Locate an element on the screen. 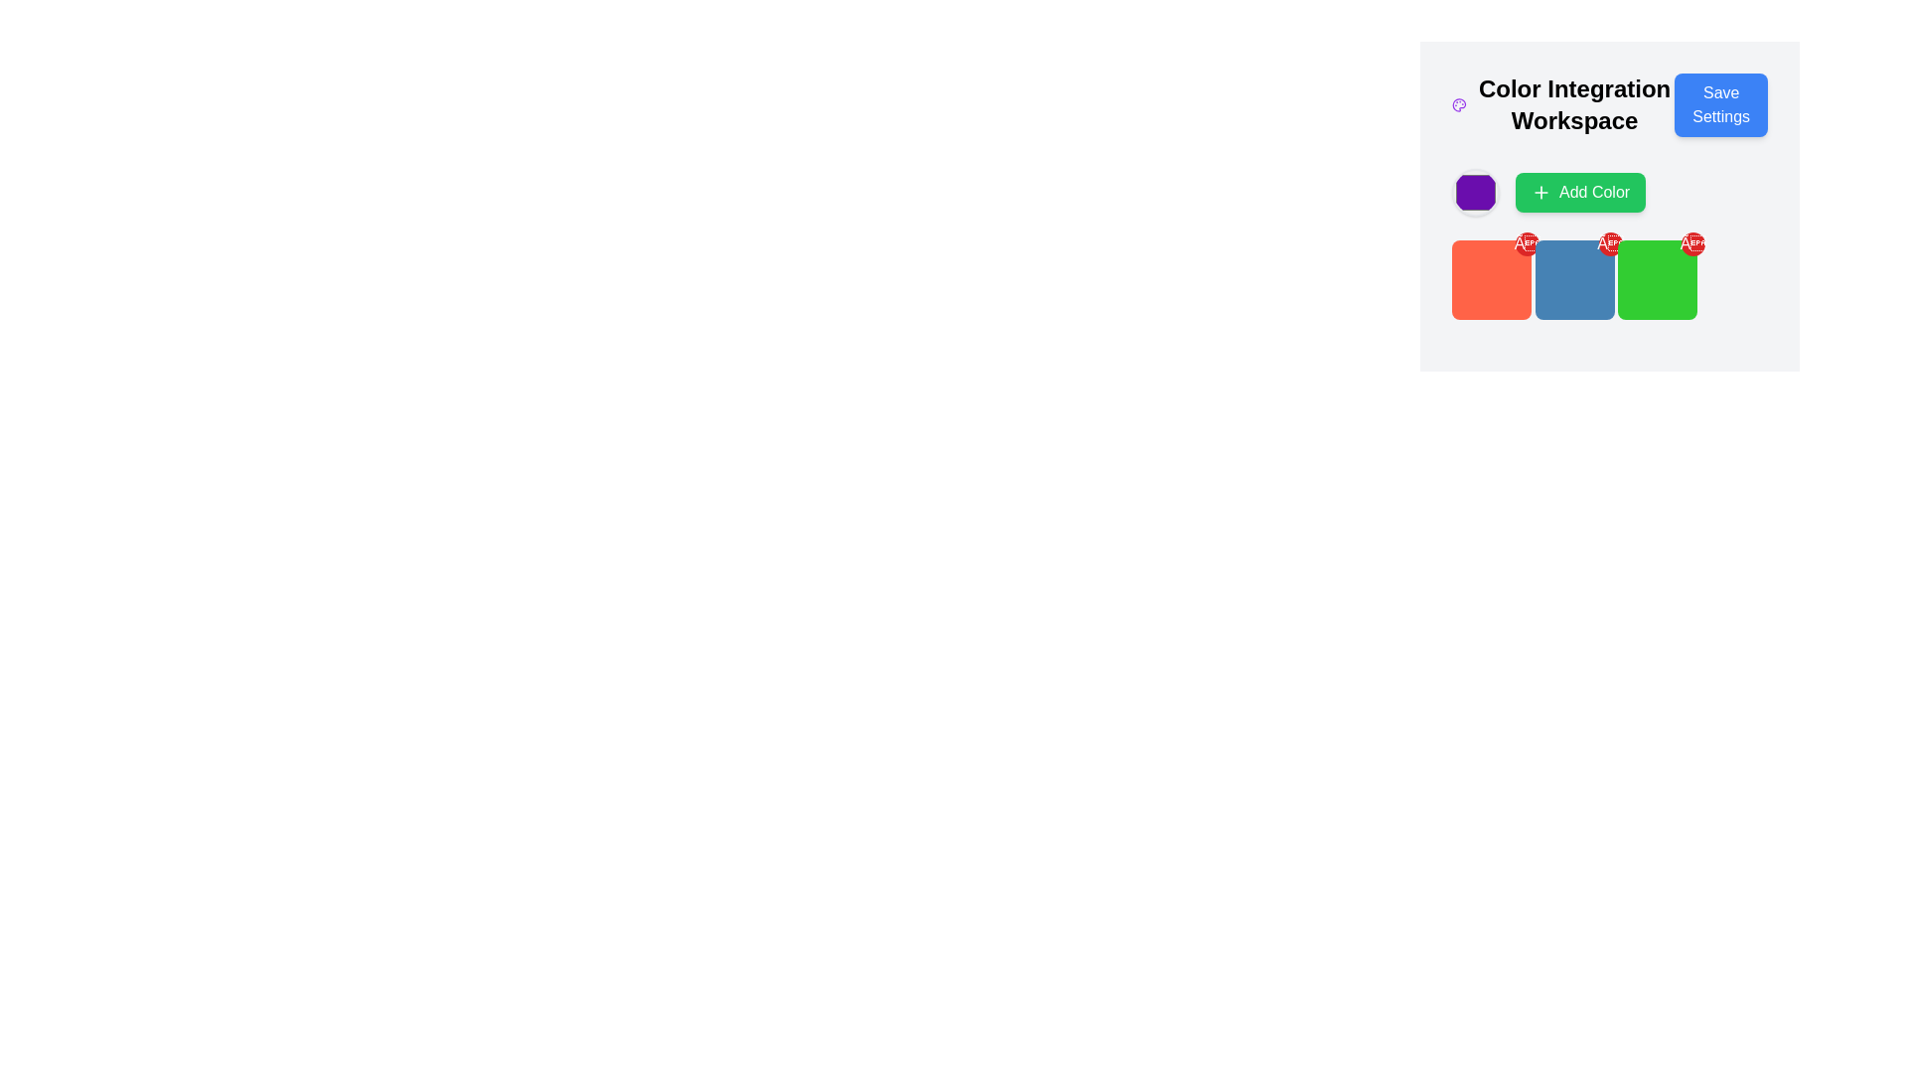  text displayed in the heading element titled 'Color Integration Workspace', which is positioned in the top left quadrant of the module layout, aligned to the left is located at coordinates (1562, 104).